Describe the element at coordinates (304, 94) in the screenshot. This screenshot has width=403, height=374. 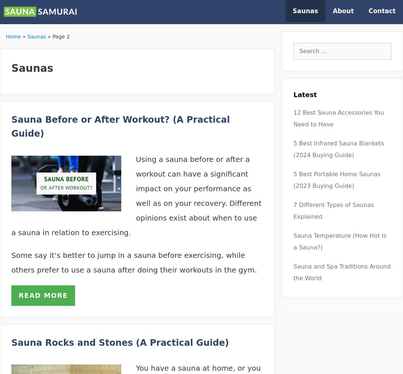
I see `'Latest'` at that location.